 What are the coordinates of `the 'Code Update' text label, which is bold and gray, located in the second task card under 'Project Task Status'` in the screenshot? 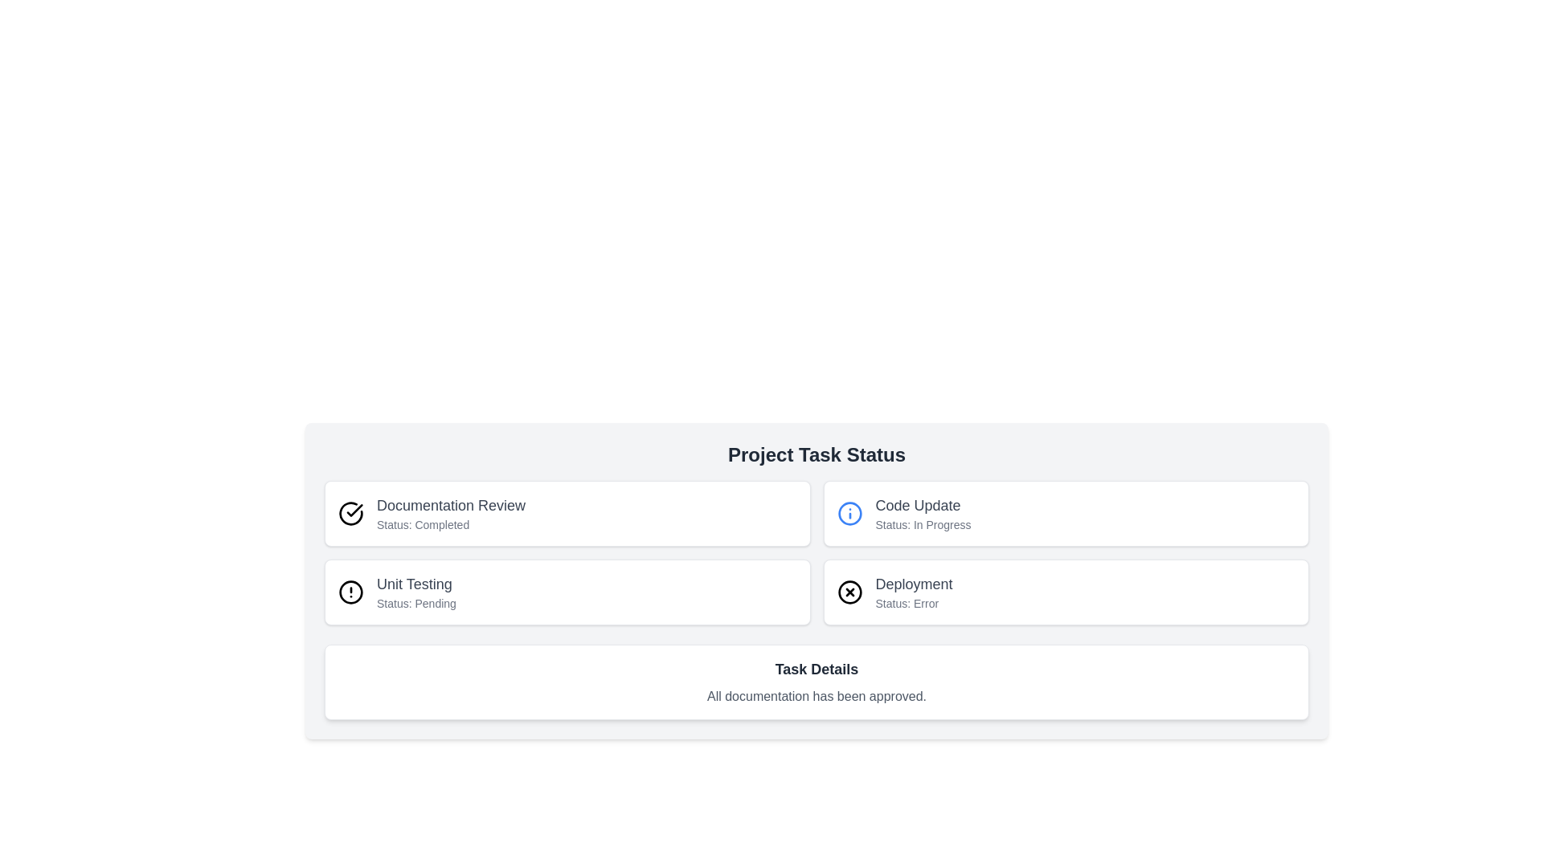 It's located at (923, 504).